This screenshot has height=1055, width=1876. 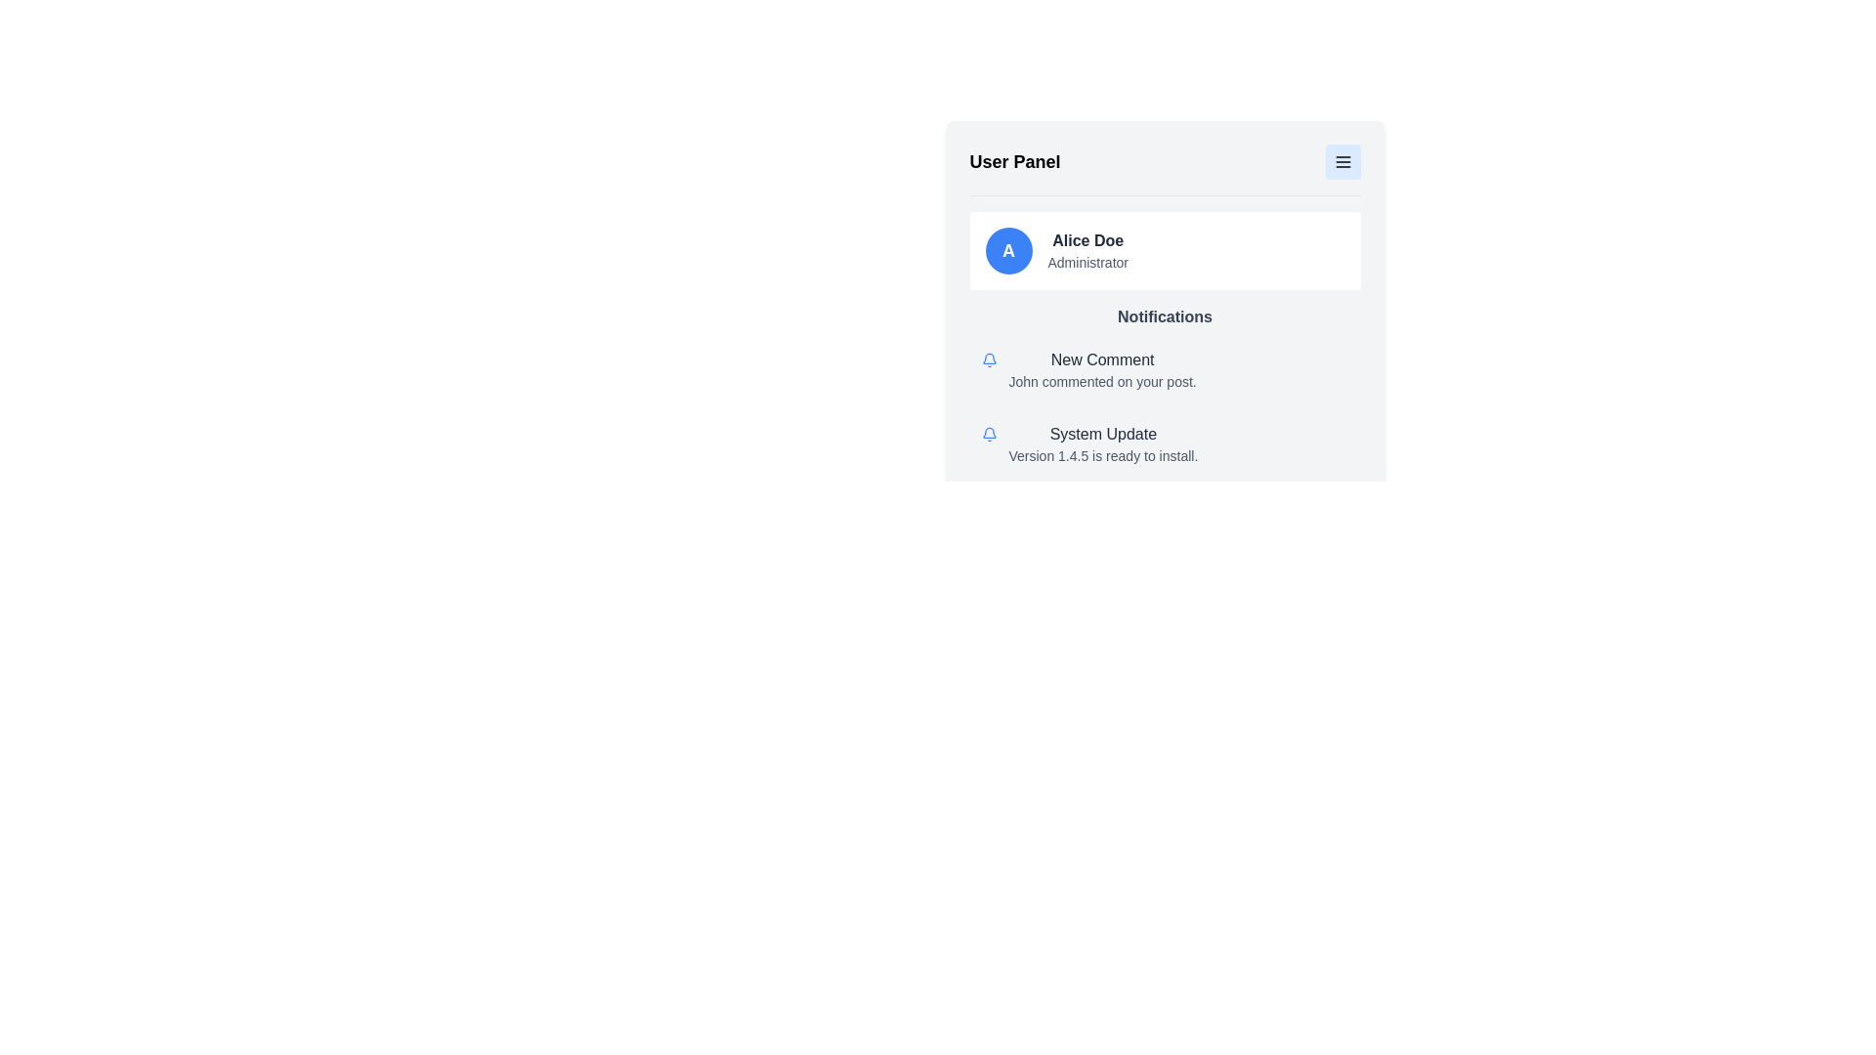 What do you see at coordinates (1103, 444) in the screenshot?
I see `the 'System Update' notification text block, which is the second notification in the list under the 'Notifications' section, to interact with adjacent actionable elements if available` at bounding box center [1103, 444].